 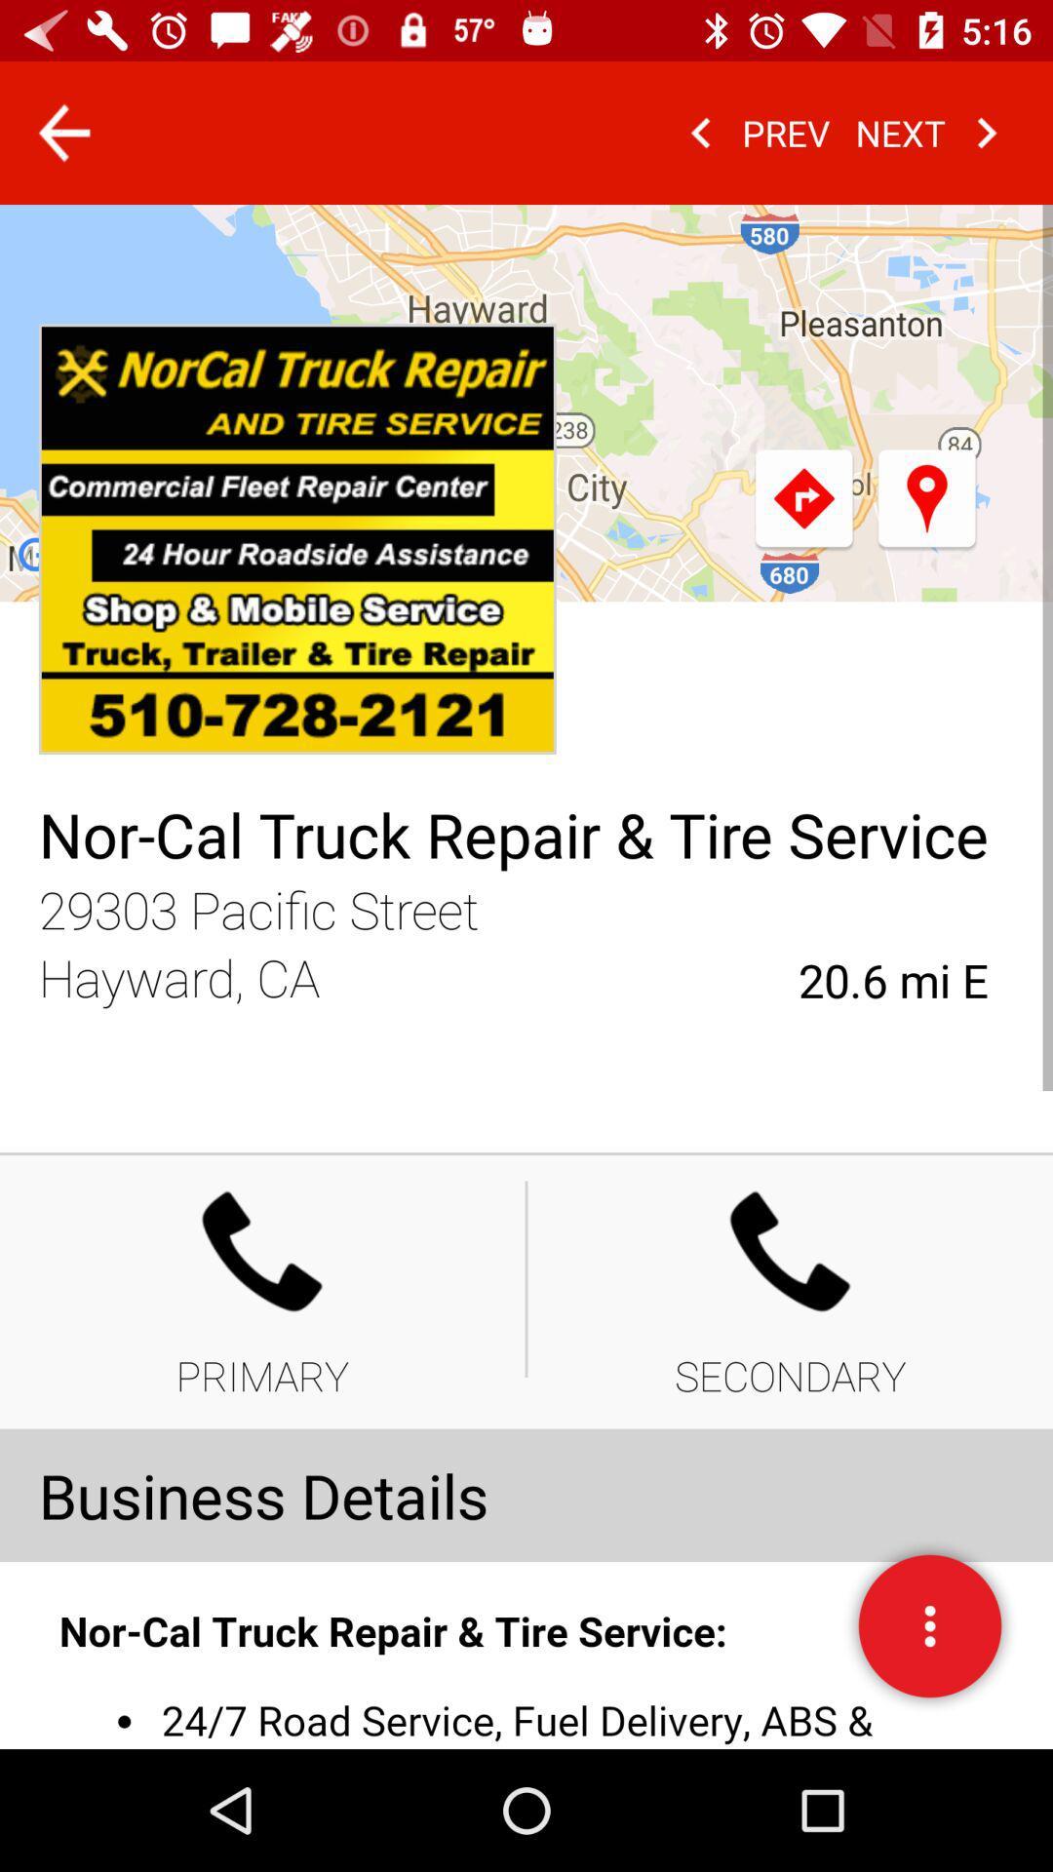 What do you see at coordinates (62, 132) in the screenshot?
I see `the arrow_backward icon` at bounding box center [62, 132].